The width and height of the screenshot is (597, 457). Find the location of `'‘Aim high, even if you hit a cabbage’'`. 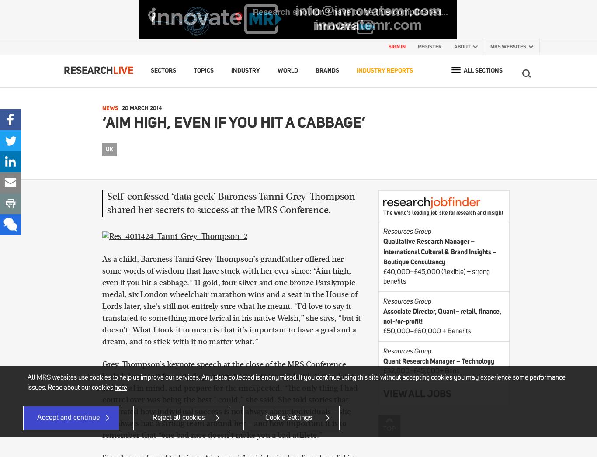

'‘Aim high, even if you hit a cabbage’' is located at coordinates (234, 122).